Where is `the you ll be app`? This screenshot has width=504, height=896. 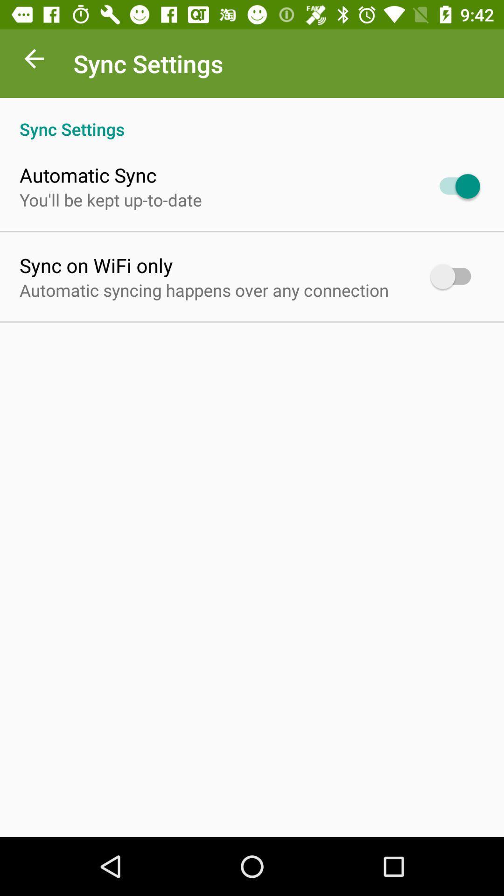
the you ll be app is located at coordinates (110, 199).